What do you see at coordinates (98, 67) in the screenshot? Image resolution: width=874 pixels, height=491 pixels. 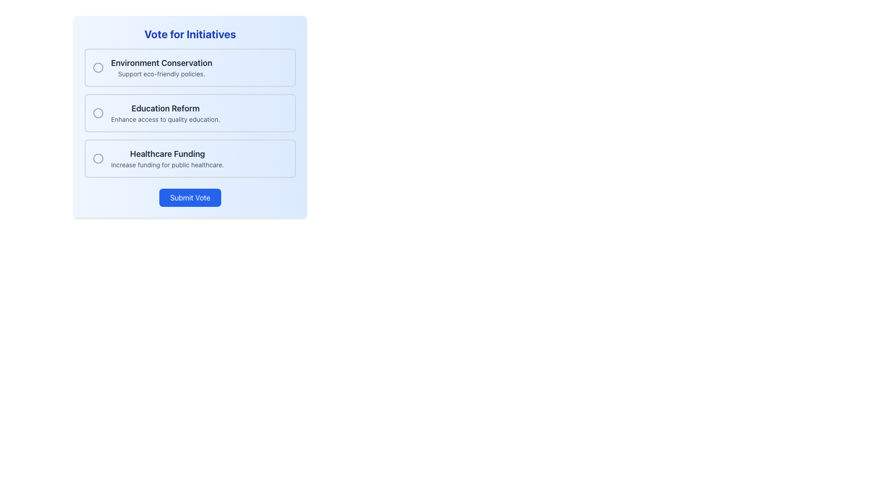 I see `the radio button located to the left of the text 'Environment Conservation' in the uppermost position of the vertical list` at bounding box center [98, 67].